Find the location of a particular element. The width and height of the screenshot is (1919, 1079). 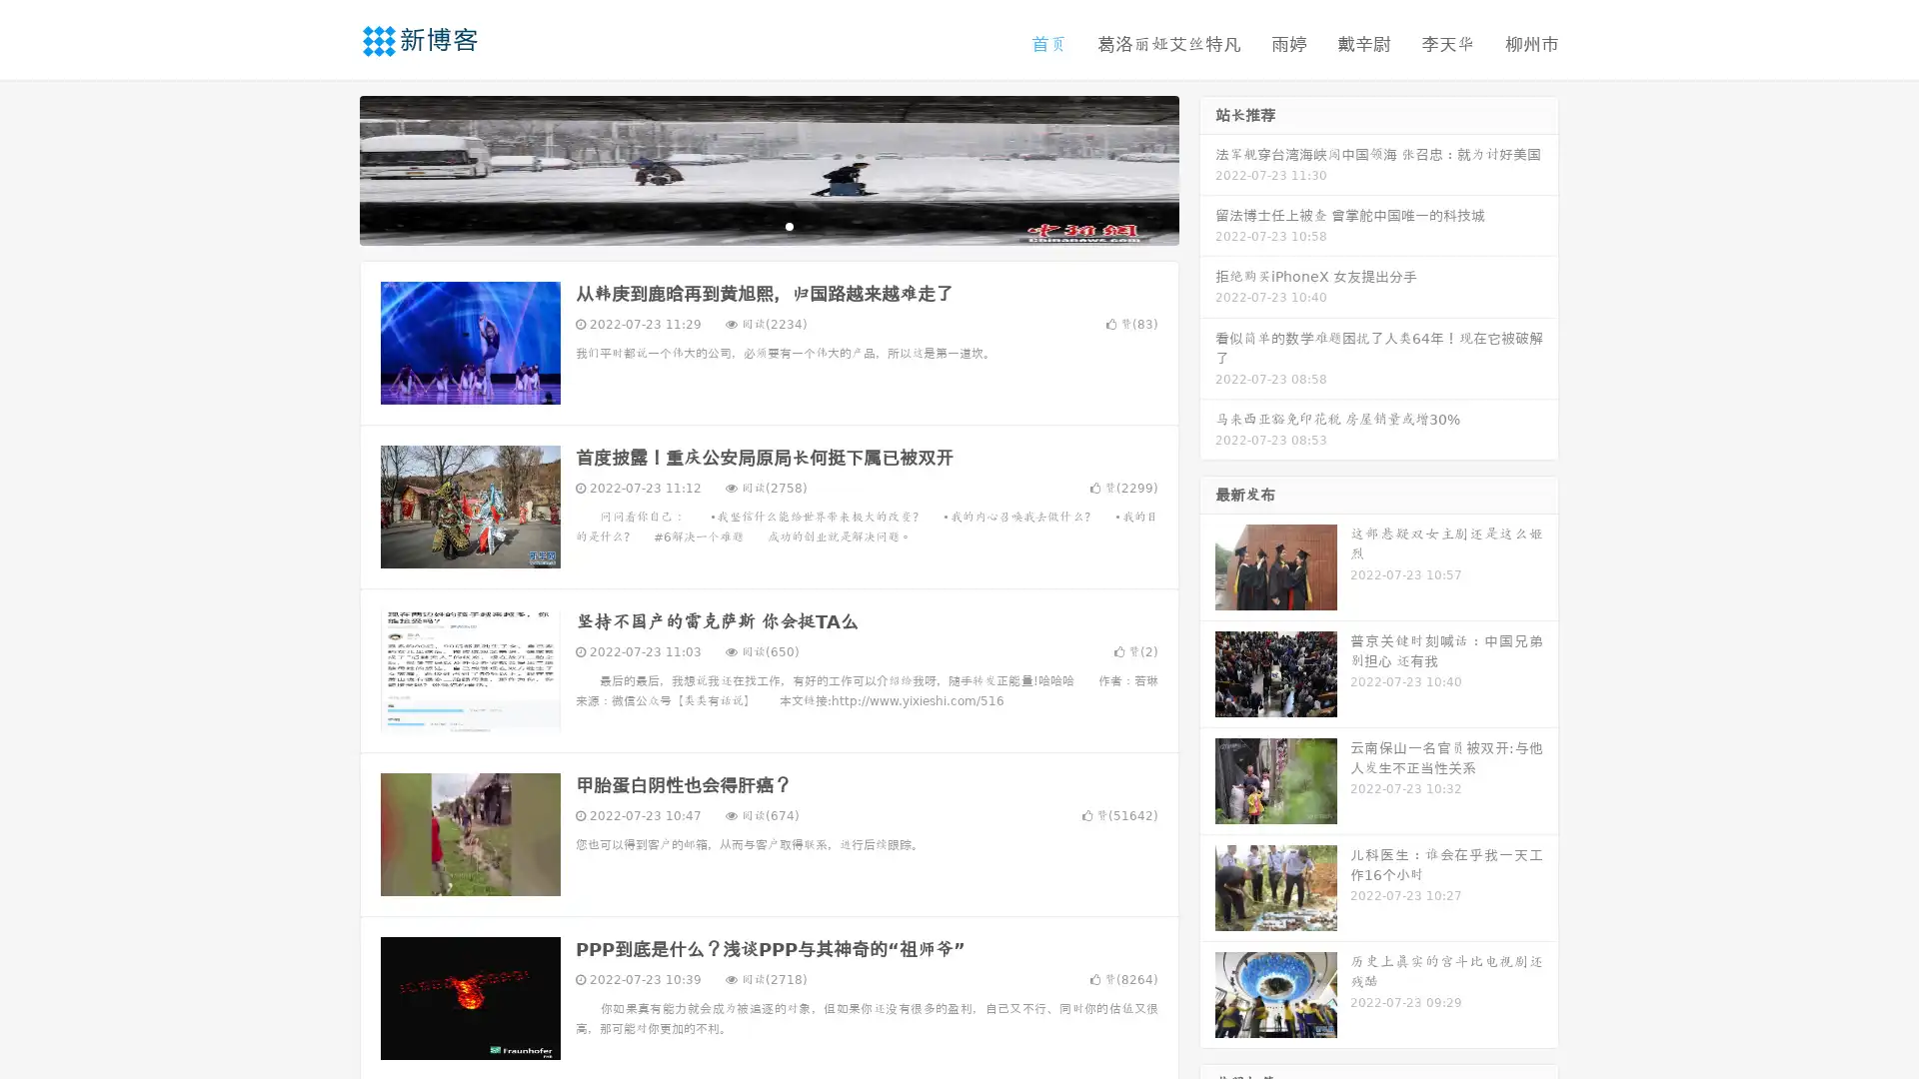

Previous slide is located at coordinates (330, 168).